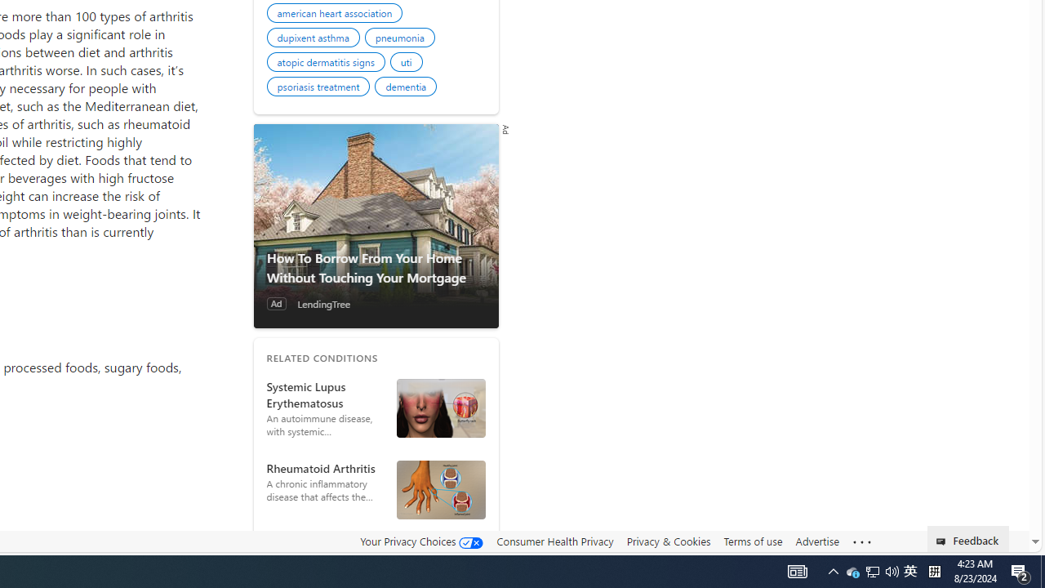  I want to click on 'atopic dermatitis signs', so click(327, 64).